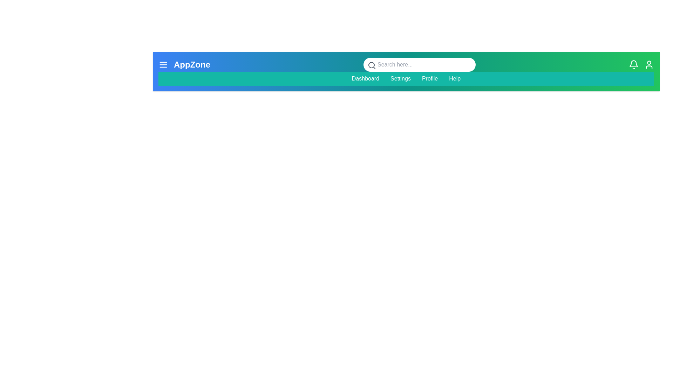 Image resolution: width=673 pixels, height=378 pixels. Describe the element at coordinates (163, 65) in the screenshot. I see `the menu icon to toggle the menu` at that location.